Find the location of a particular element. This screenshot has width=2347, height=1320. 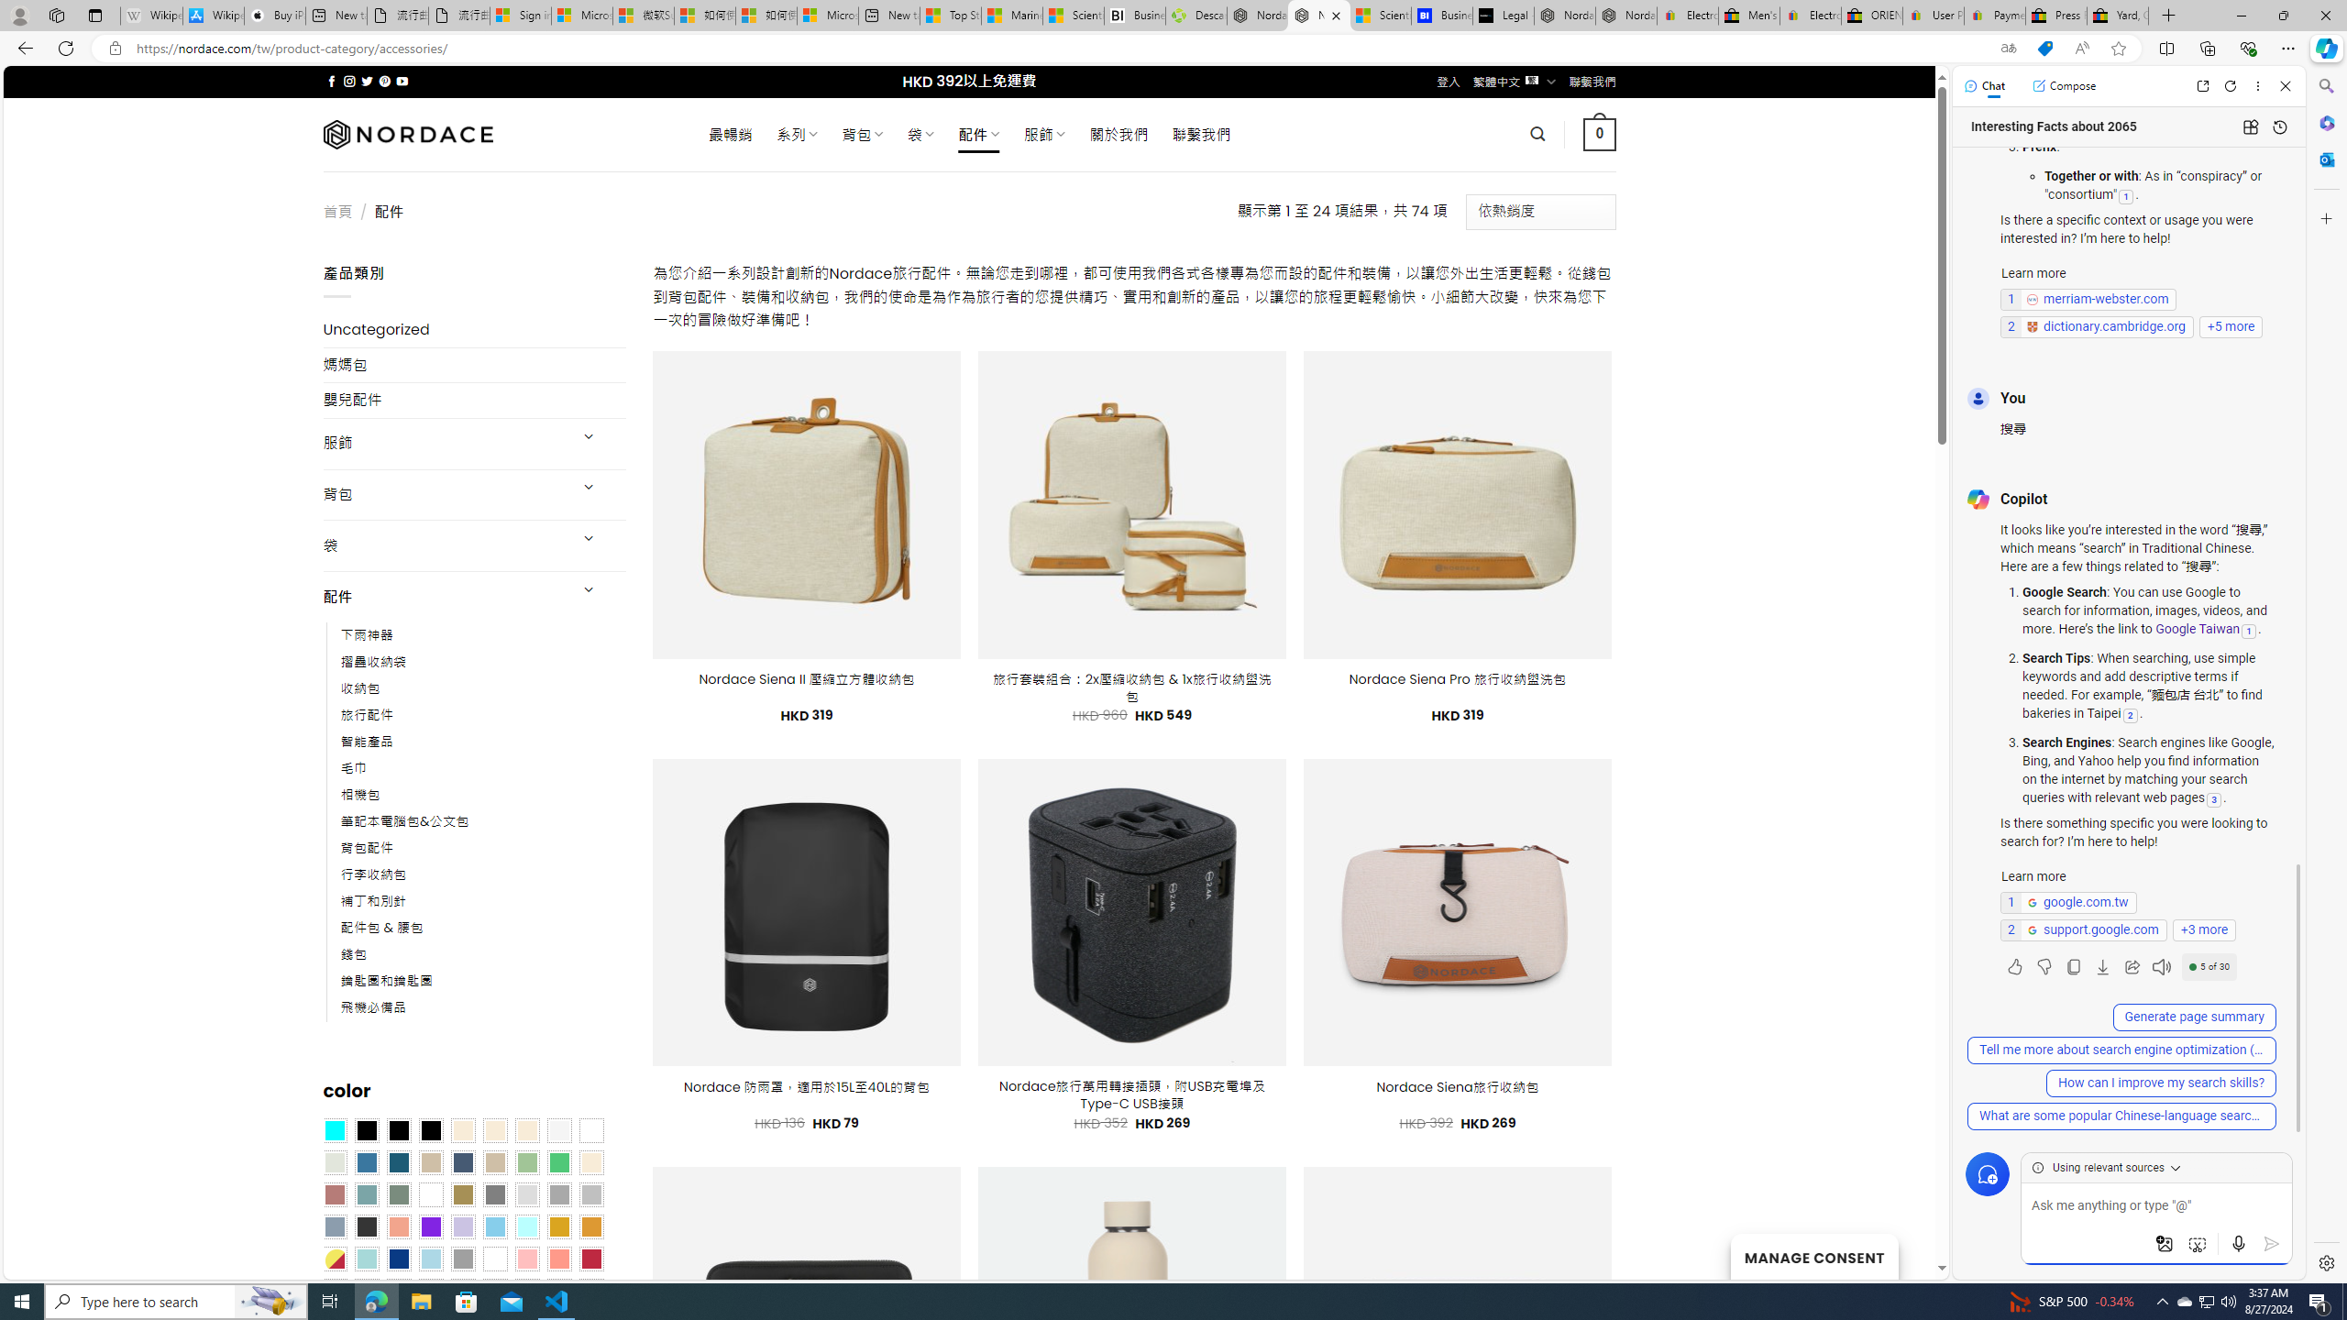

'Buy iPad - Apple' is located at coordinates (274, 15).